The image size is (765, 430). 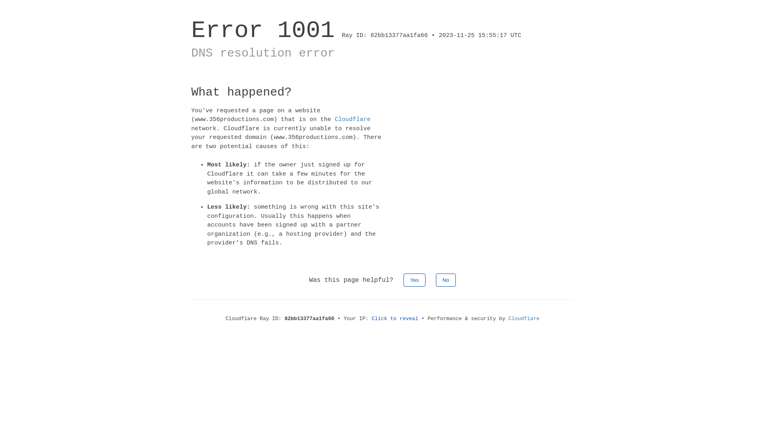 What do you see at coordinates (395, 318) in the screenshot?
I see `'Click to reveal'` at bounding box center [395, 318].